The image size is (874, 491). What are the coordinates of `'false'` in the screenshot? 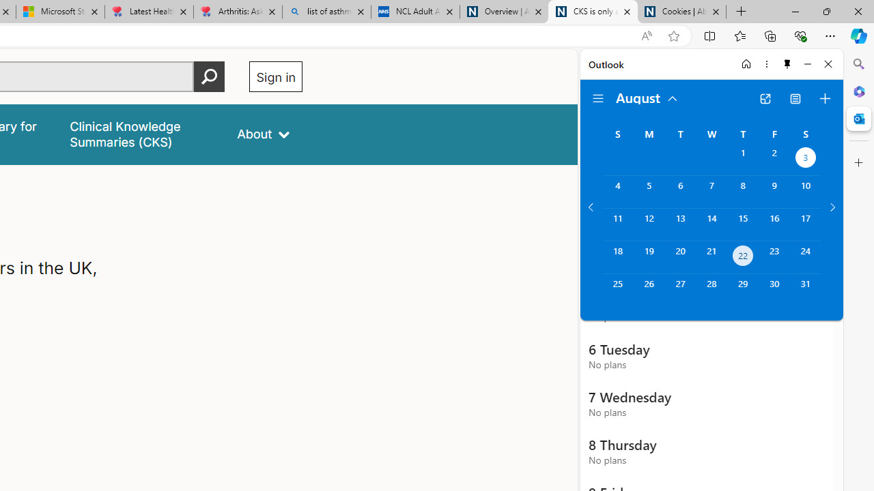 It's located at (141, 134).